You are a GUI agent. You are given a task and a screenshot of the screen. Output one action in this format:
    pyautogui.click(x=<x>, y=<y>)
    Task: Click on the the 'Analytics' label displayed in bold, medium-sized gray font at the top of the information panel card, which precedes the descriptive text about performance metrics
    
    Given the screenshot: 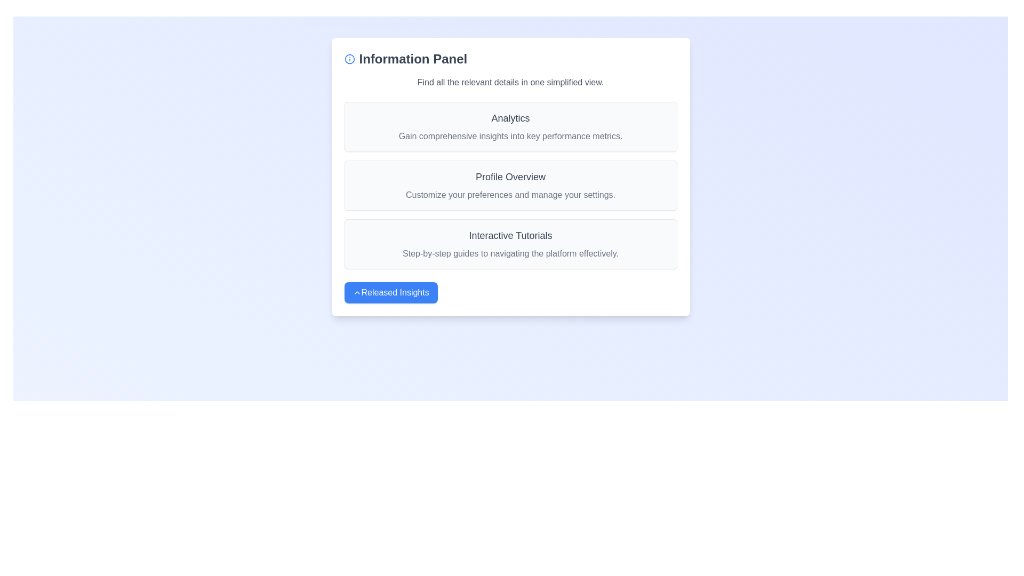 What is the action you would take?
    pyautogui.click(x=510, y=118)
    